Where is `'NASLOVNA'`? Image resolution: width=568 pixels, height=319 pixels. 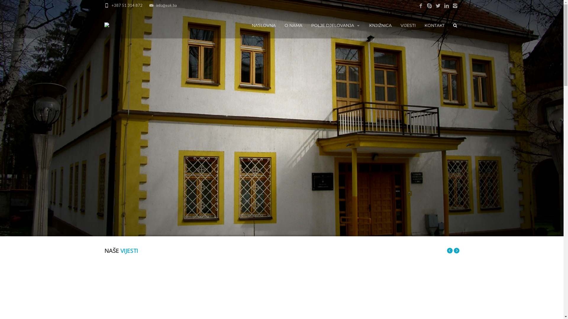 'NASLOVNA' is located at coordinates (247, 25).